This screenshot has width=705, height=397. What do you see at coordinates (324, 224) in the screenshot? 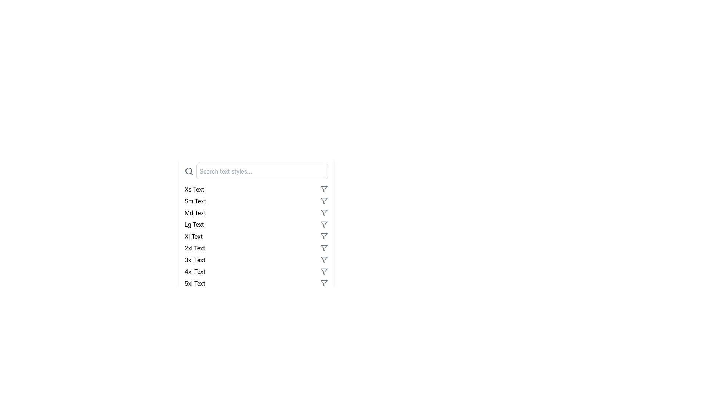
I see `the filter icon button, which has a minimalistic gray funnel shape, located on the right side of the interface panel next to the 'Lg Text'` at bounding box center [324, 224].